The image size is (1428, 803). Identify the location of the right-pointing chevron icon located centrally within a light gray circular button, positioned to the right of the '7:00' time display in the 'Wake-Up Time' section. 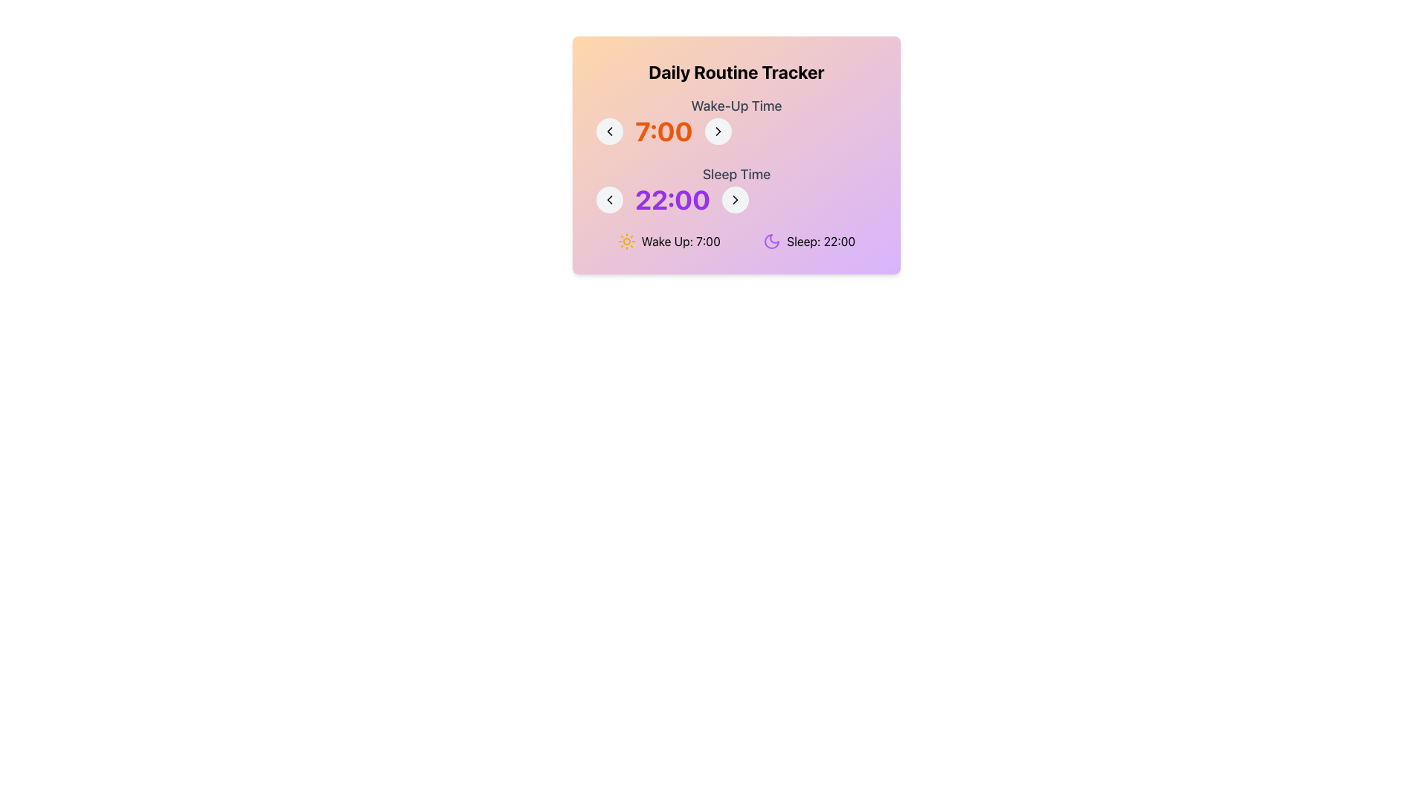
(718, 131).